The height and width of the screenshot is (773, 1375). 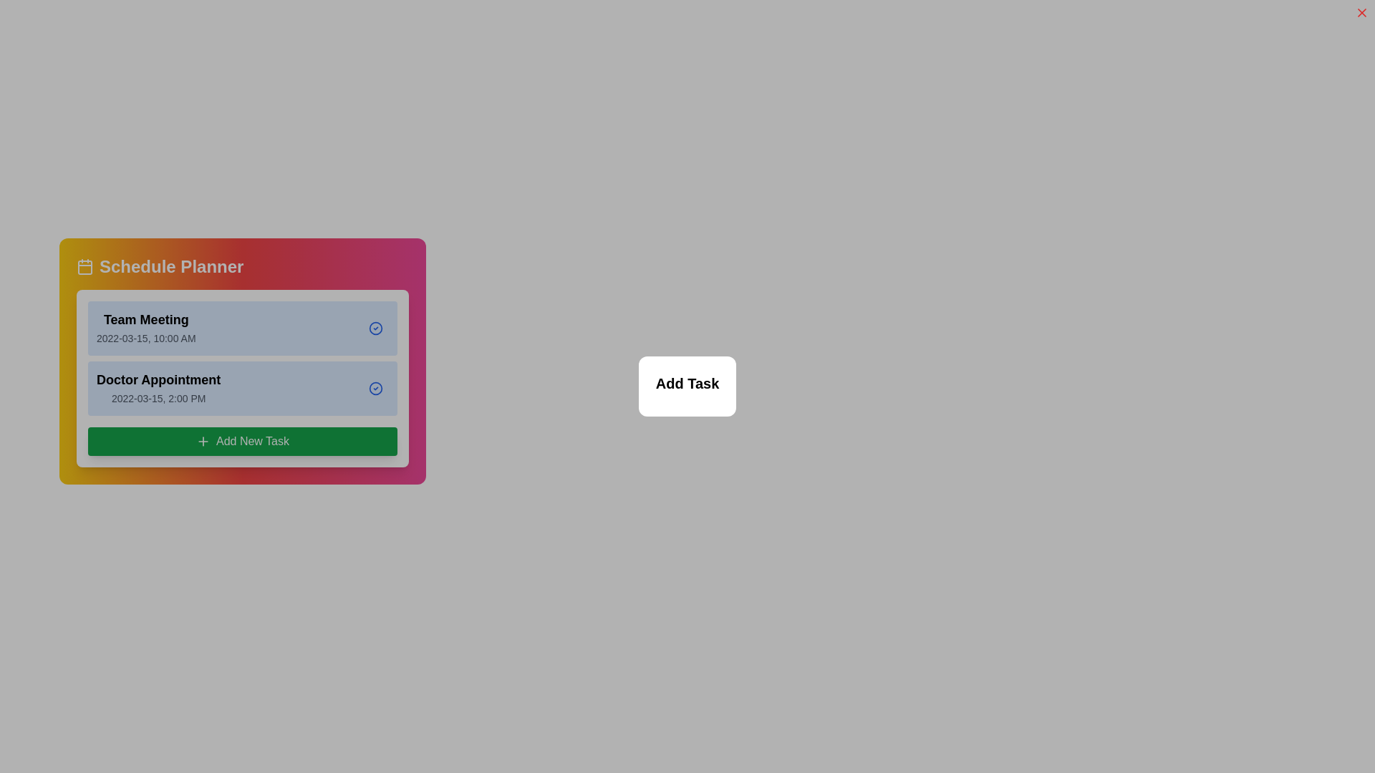 I want to click on the calendar icon located on the left side of the 'Schedule Planner' header, positioned before the text 'Schedule Planner', so click(x=85, y=267).